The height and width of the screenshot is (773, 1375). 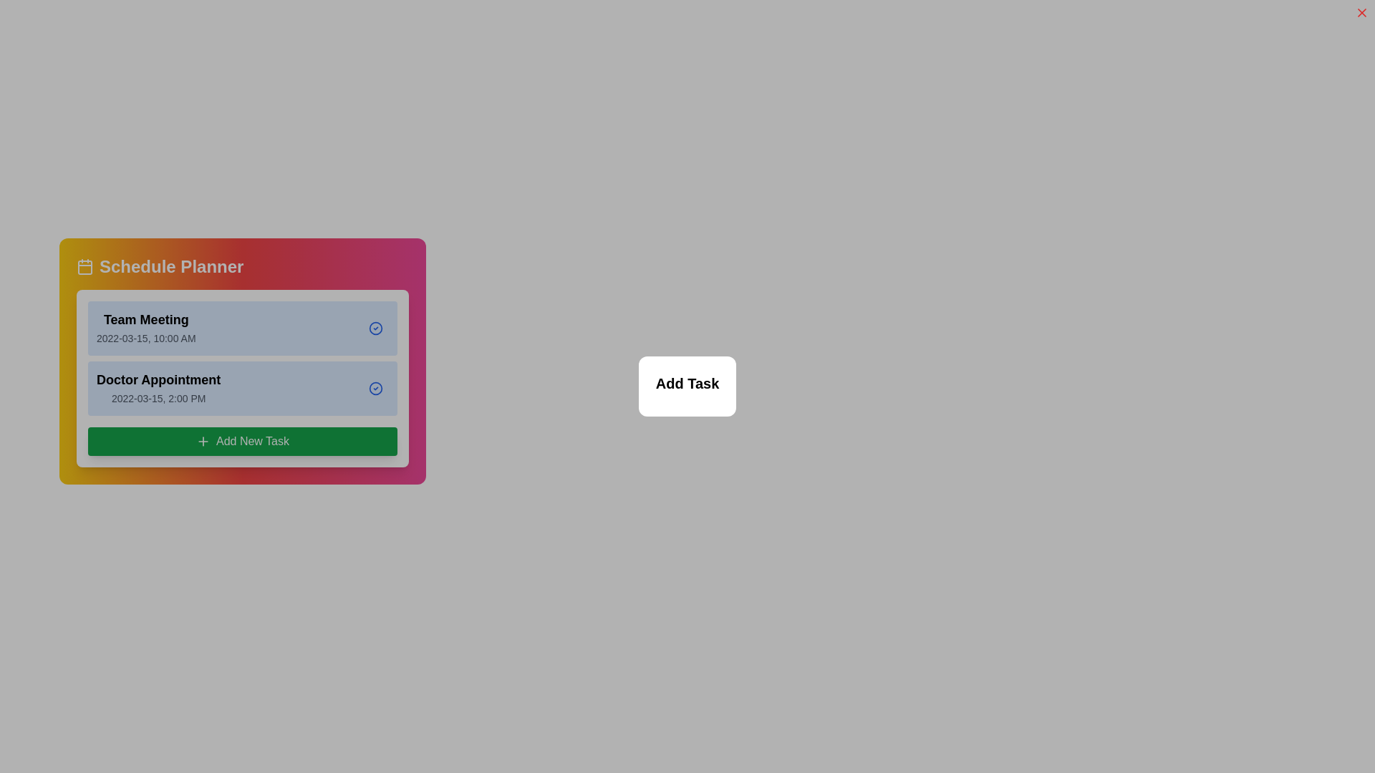 I want to click on the calendar icon located on the left side of the 'Schedule Planner' header, positioned before the text 'Schedule Planner', so click(x=85, y=267).